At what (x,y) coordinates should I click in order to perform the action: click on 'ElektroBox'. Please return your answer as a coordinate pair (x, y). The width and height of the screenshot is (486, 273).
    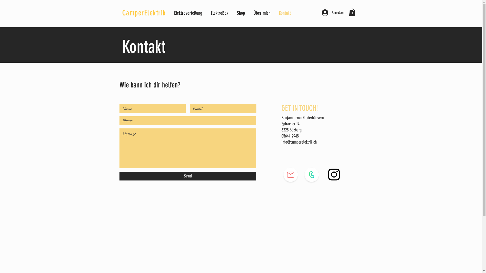
    Looking at the image, I should click on (220, 13).